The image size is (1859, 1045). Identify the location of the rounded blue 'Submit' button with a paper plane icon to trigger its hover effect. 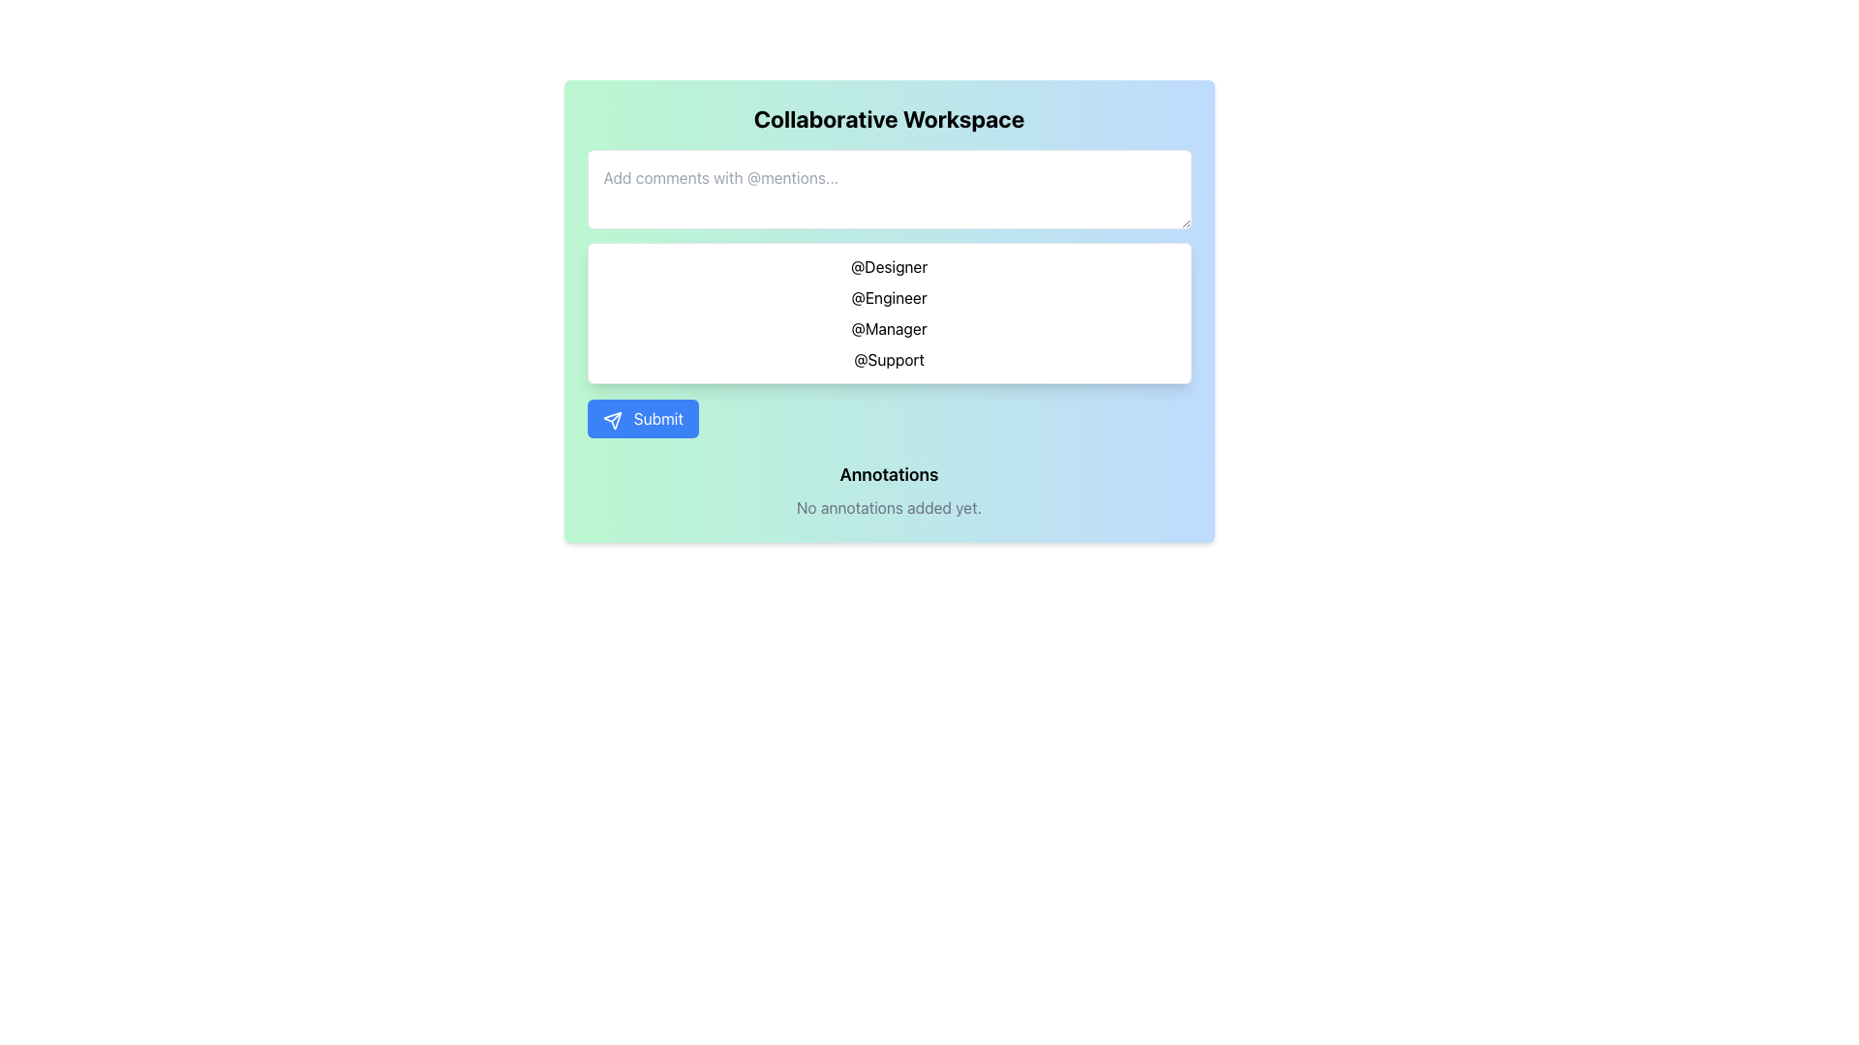
(643, 417).